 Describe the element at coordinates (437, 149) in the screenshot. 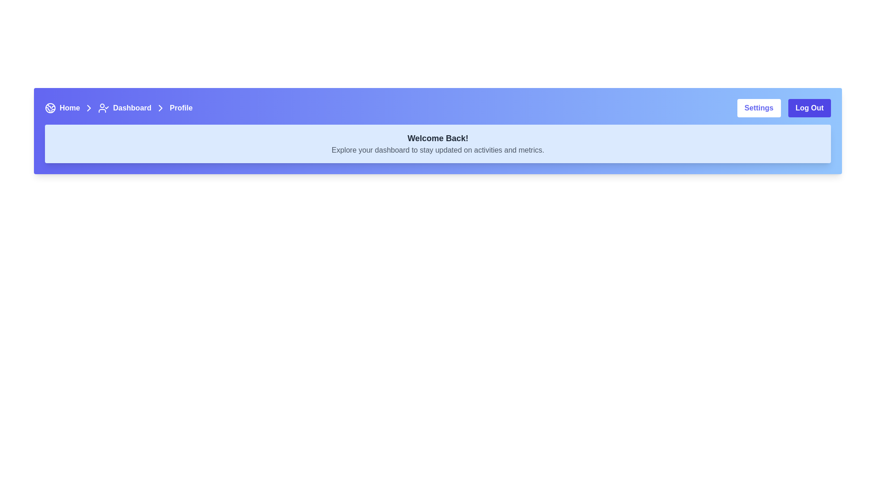

I see `the static text description that reads 'Explore your dashboard to stay updated on activities and metrics.', which is located directly beneath the bold header 'Welcome Back!' in a light blue box` at that location.